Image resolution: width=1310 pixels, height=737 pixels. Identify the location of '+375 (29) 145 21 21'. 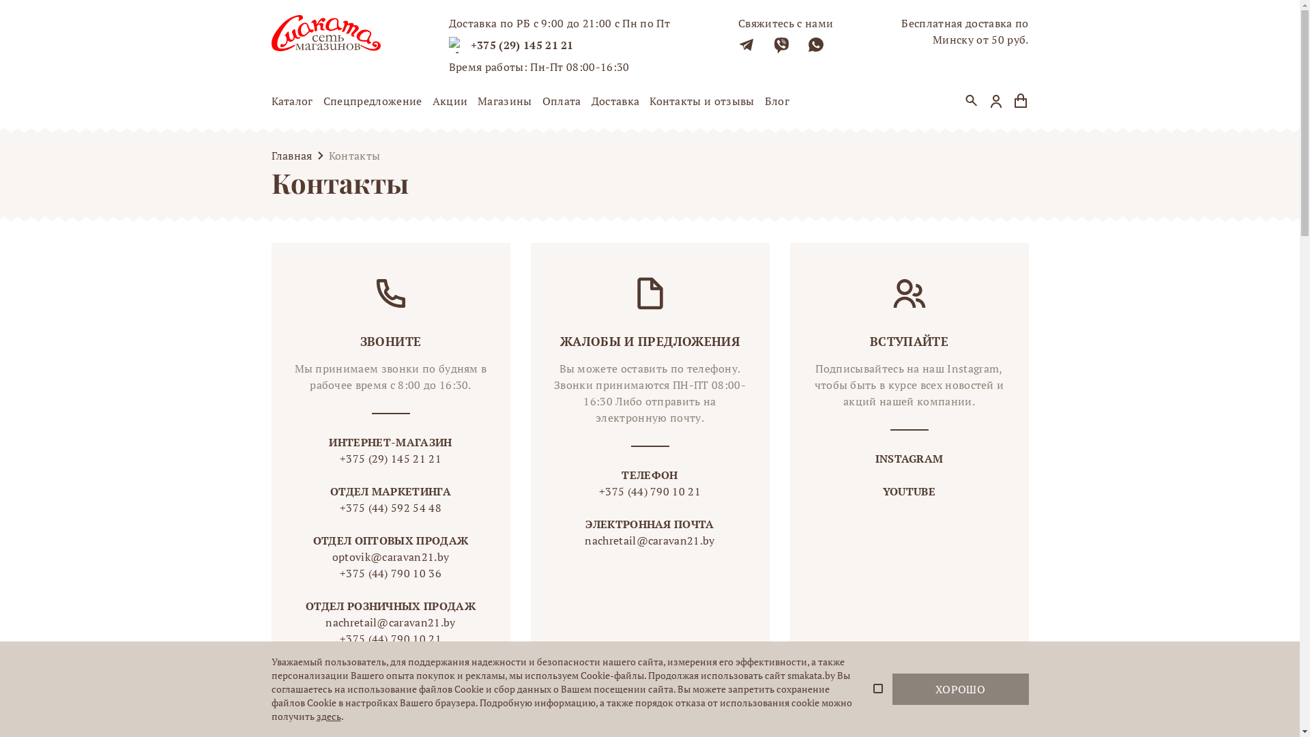
(521, 44).